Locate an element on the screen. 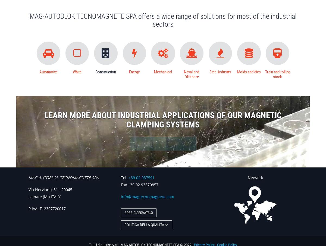 This screenshot has height=246, width=326. 'Train and rolling stock' is located at coordinates (277, 74).